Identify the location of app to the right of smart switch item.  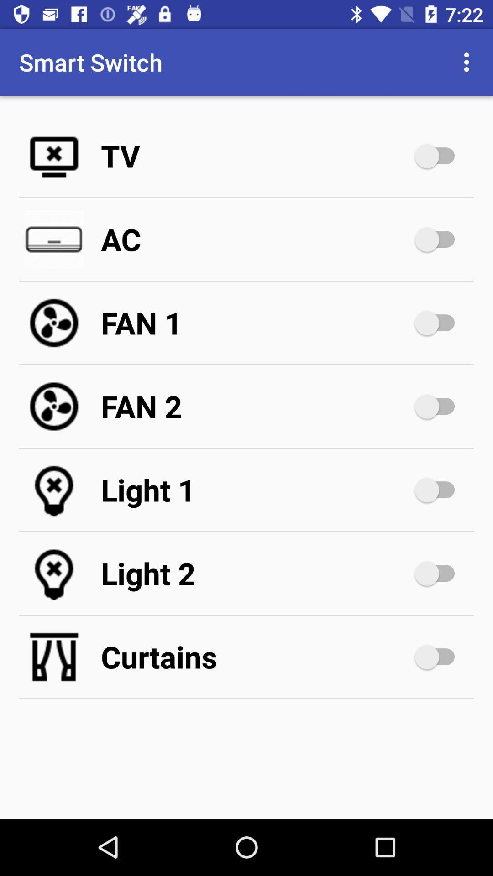
(469, 62).